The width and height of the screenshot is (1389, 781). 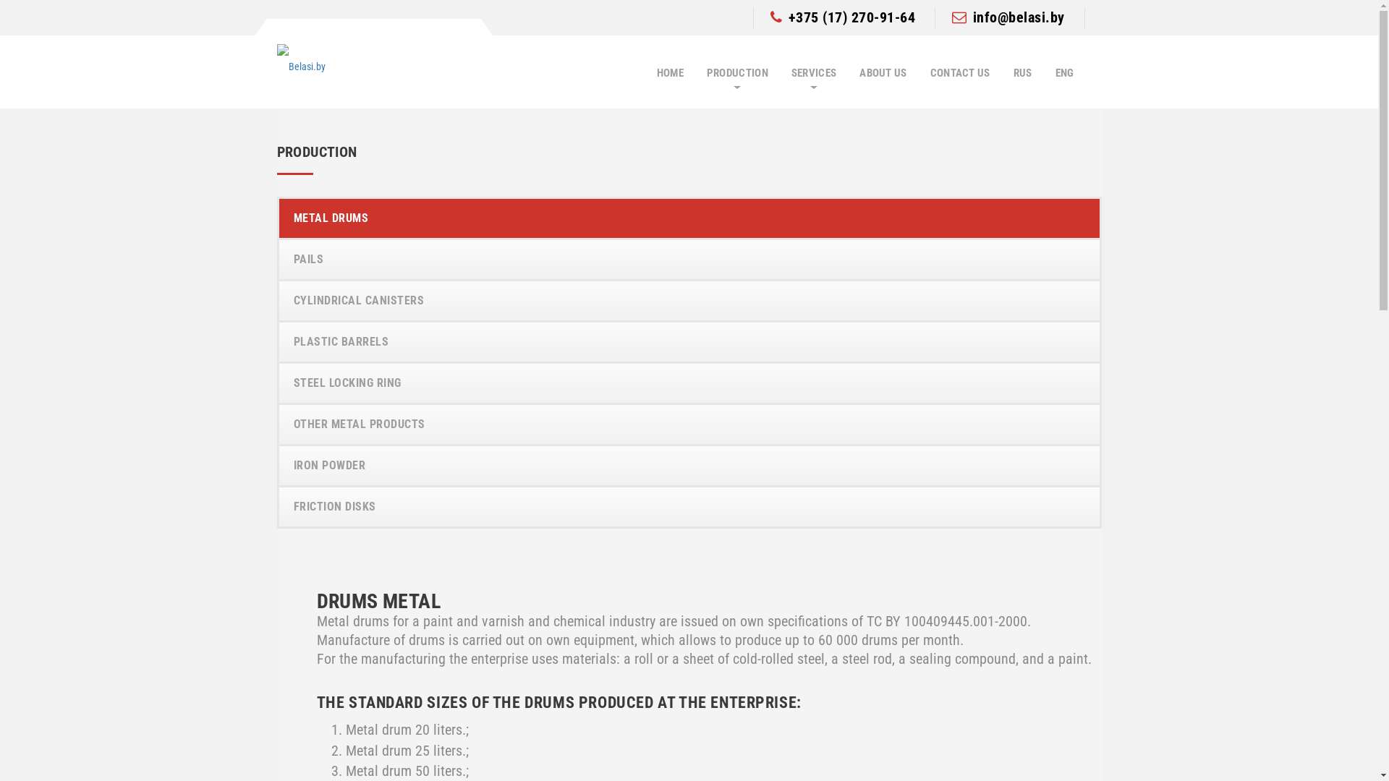 I want to click on 'HOME', so click(x=669, y=73).